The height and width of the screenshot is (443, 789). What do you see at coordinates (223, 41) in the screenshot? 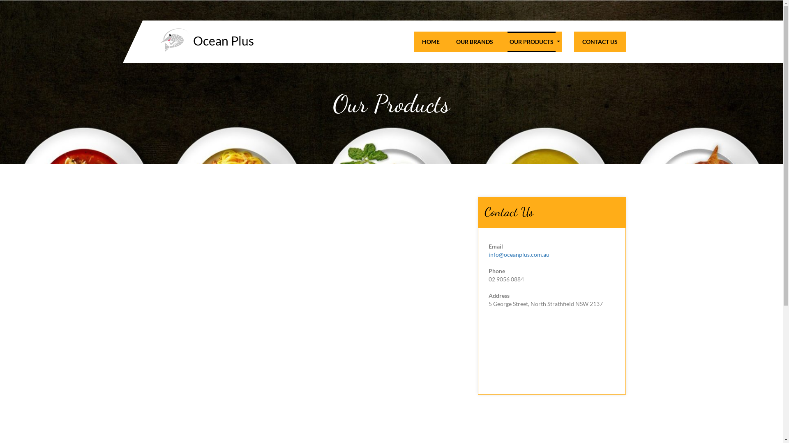
I see `'Ocean Plus'` at bounding box center [223, 41].